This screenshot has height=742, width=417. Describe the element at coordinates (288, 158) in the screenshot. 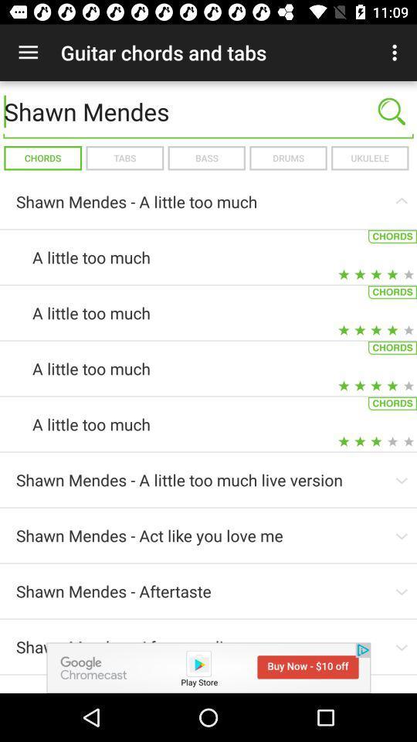

I see `the item above the shawn mendes a item` at that location.